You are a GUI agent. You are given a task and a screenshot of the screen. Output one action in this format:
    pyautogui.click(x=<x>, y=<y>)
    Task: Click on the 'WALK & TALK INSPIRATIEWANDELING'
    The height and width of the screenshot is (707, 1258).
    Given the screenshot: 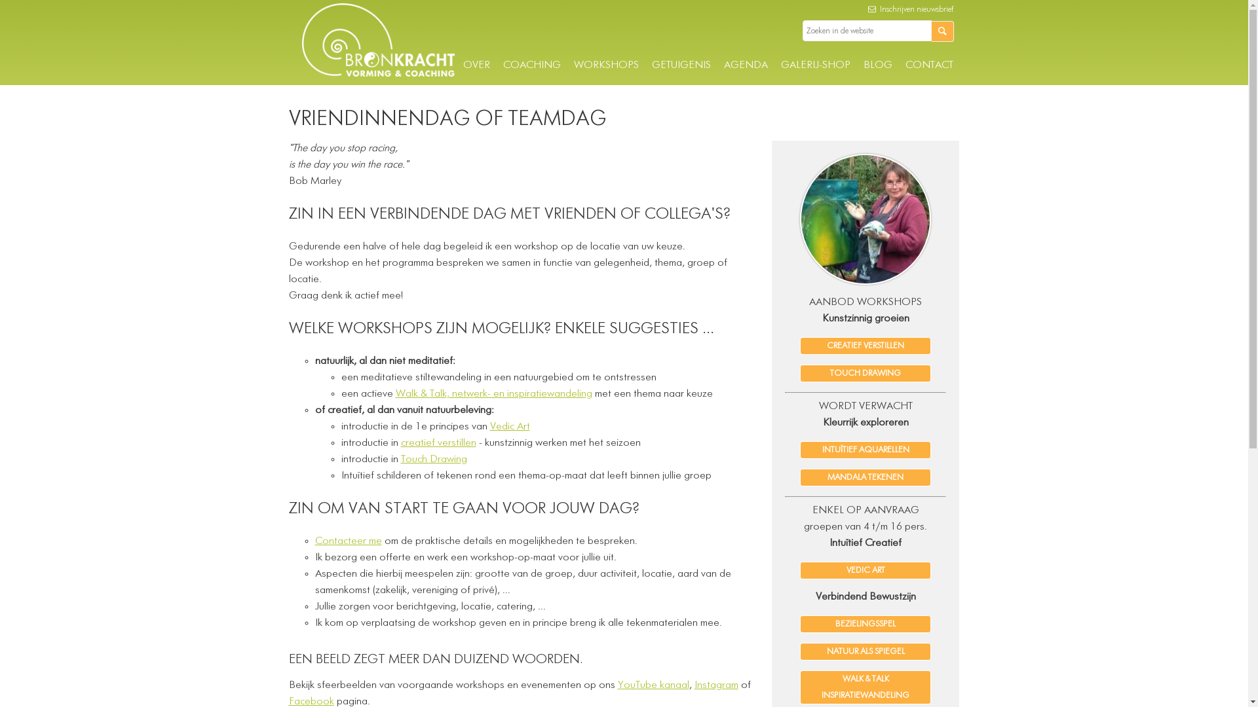 What is the action you would take?
    pyautogui.click(x=865, y=686)
    